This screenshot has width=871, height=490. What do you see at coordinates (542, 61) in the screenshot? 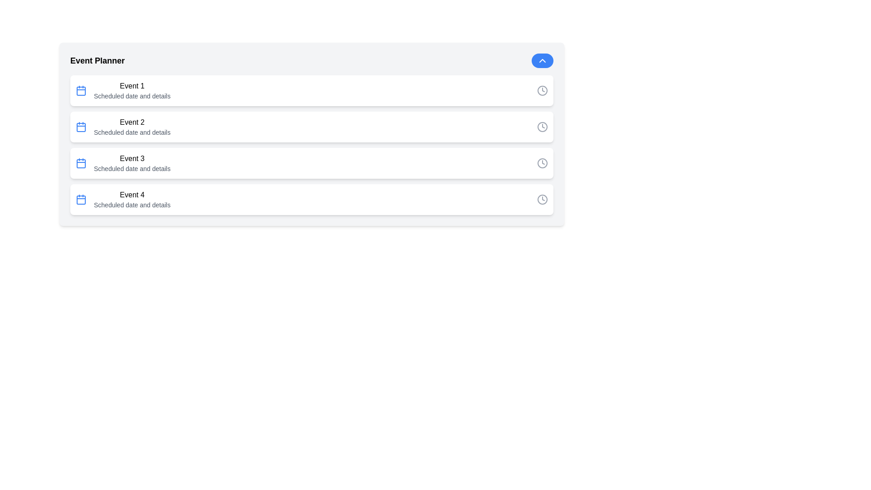
I see `the keyboard navigation on the upward-facing chevron icon located within the rounded button with a blue background at the upper-right corner of the 'Event Planner' section` at bounding box center [542, 61].